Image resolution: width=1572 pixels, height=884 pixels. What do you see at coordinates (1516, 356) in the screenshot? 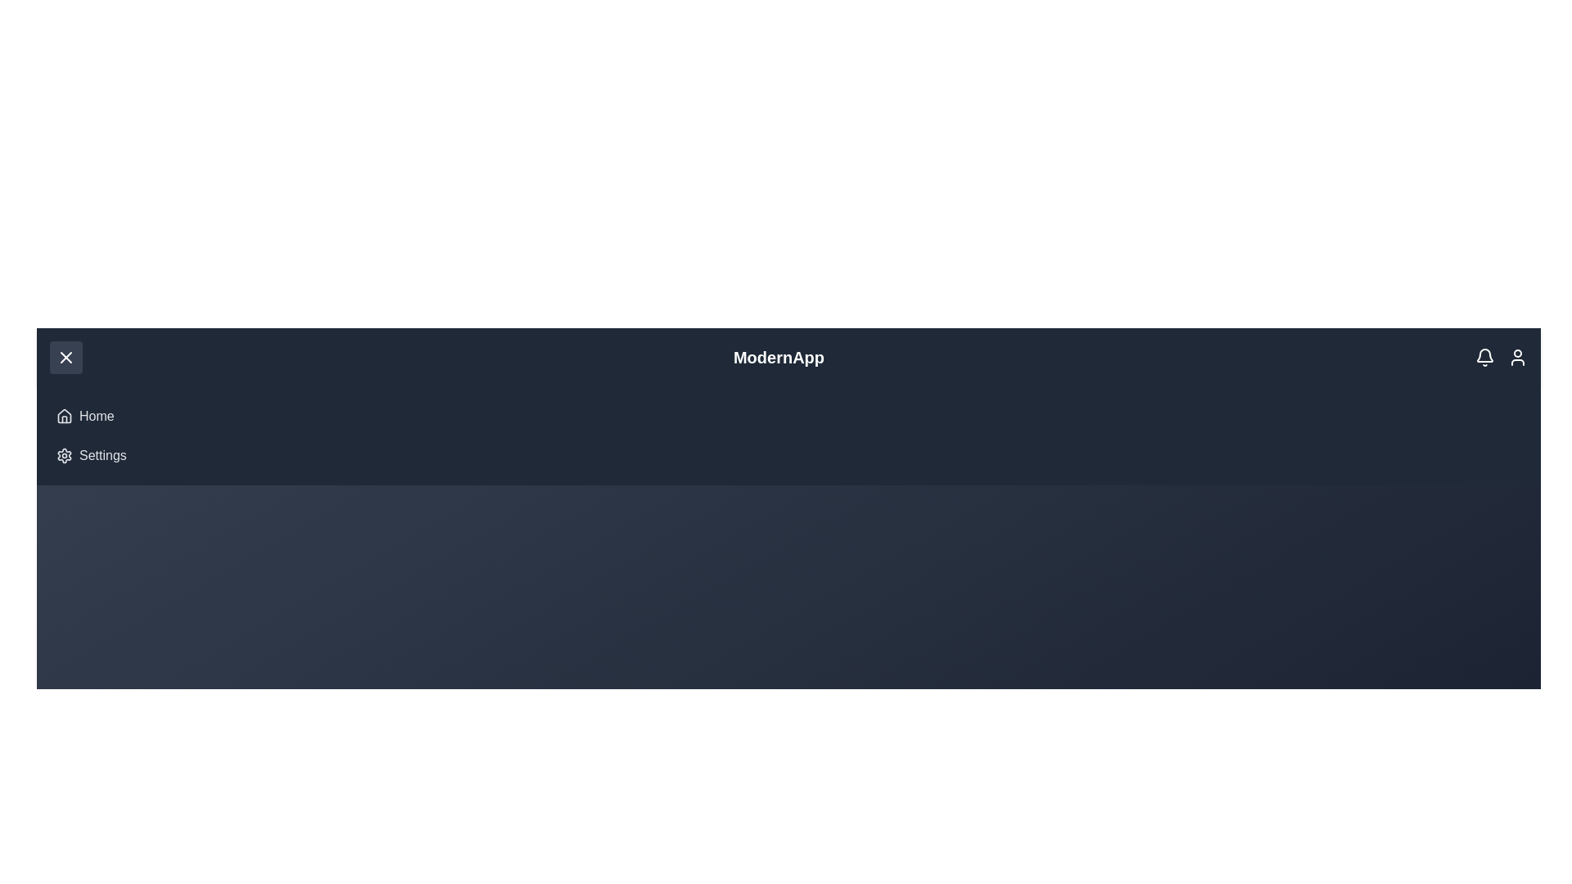
I see `the user icon to open user settings` at bounding box center [1516, 356].